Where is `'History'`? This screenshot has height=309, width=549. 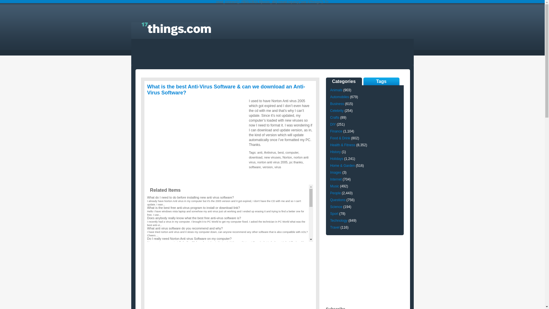
'History' is located at coordinates (335, 152).